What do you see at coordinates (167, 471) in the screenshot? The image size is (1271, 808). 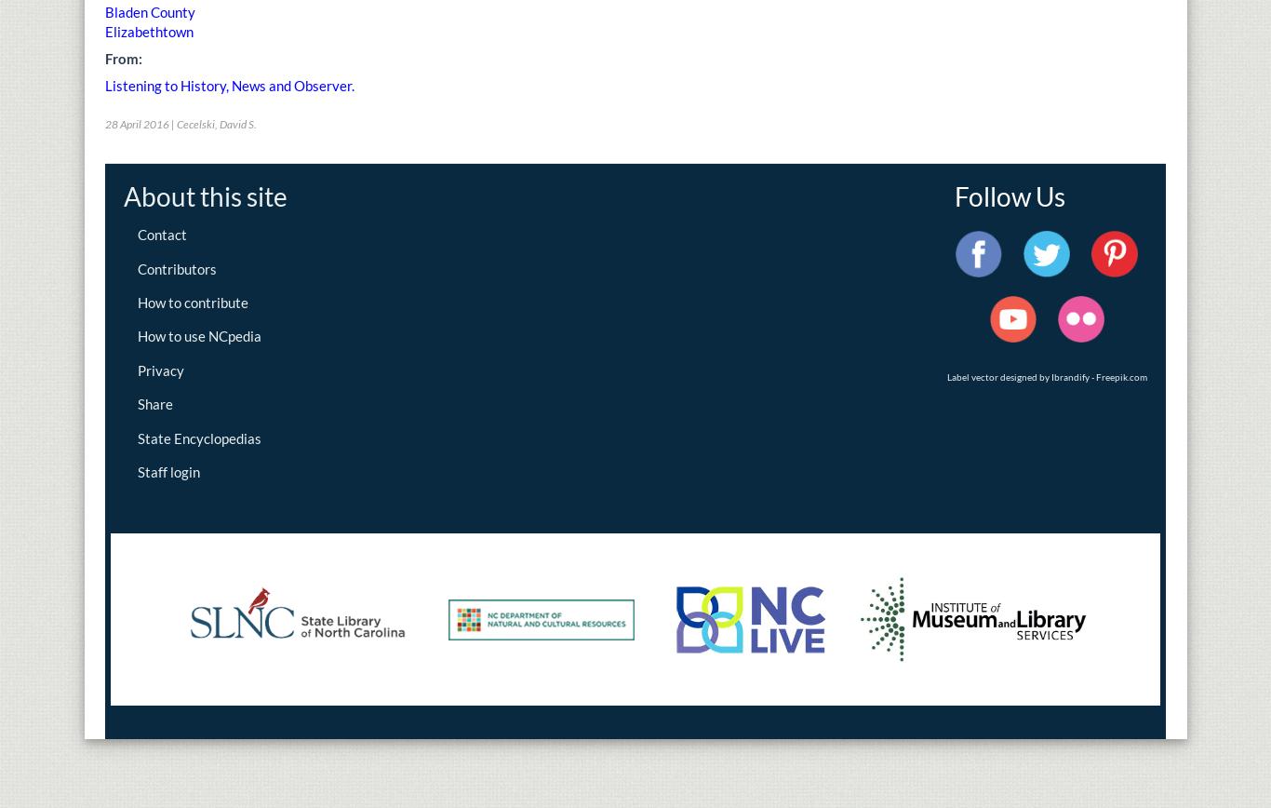 I see `'Staff login'` at bounding box center [167, 471].